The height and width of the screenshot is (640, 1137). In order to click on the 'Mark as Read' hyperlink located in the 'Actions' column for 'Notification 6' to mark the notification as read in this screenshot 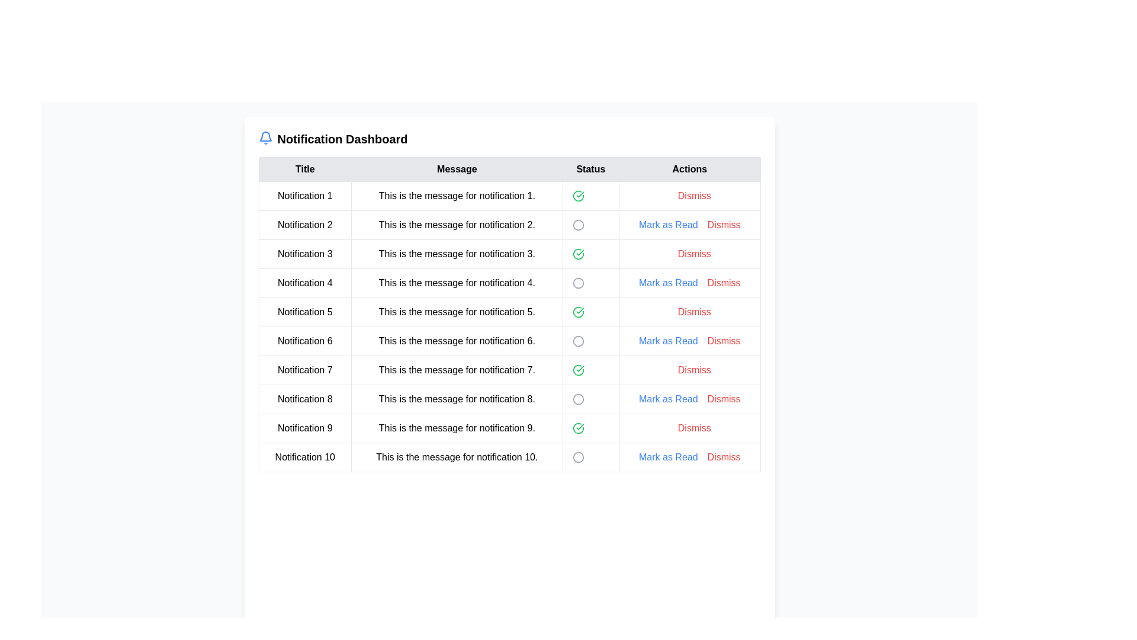, I will do `click(689, 341)`.